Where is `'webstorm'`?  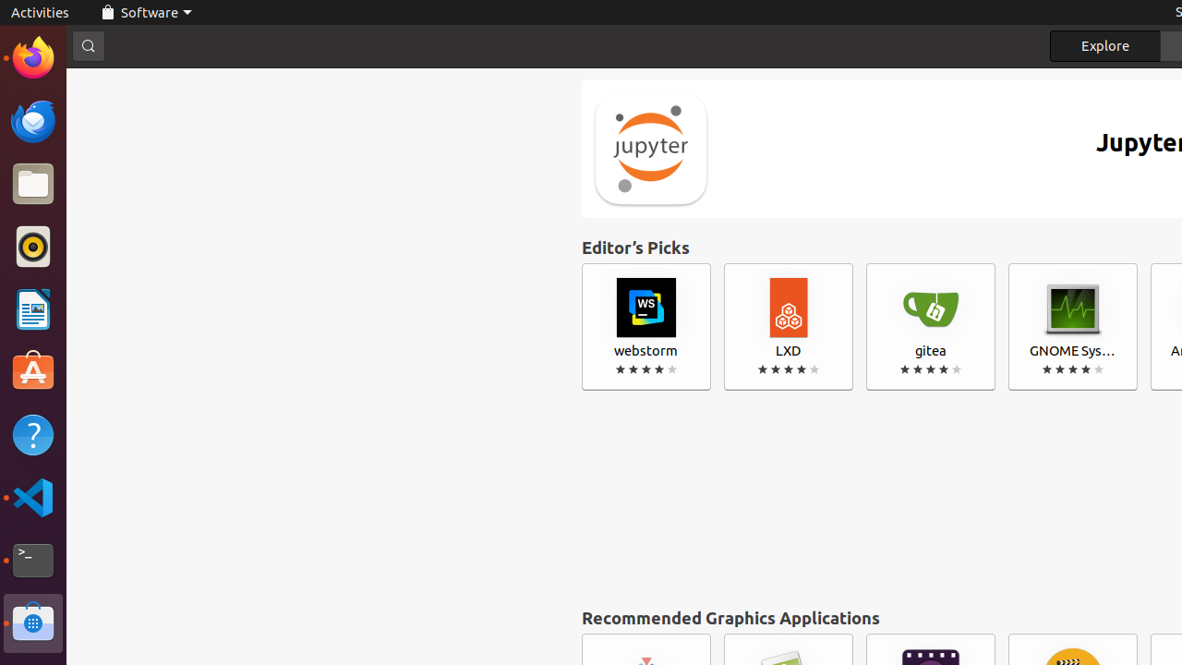
'webstorm' is located at coordinates (646, 326).